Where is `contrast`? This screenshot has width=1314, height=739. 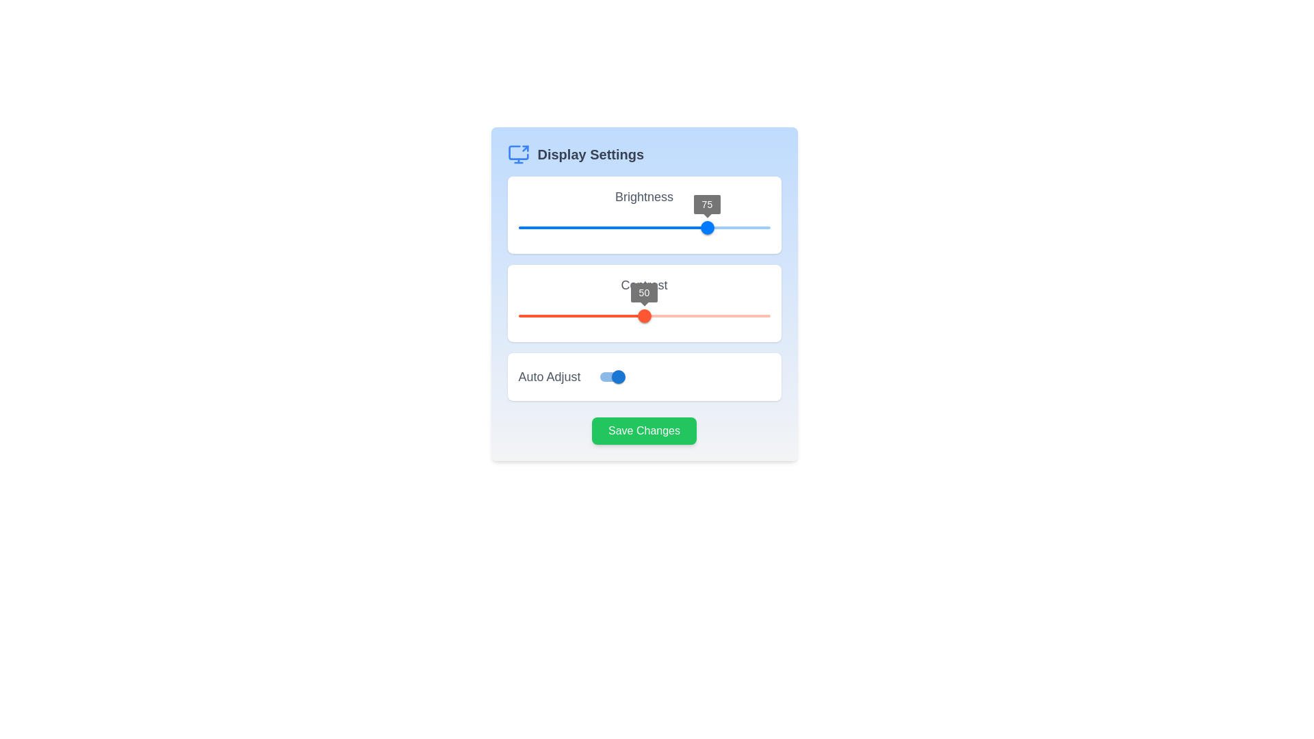 contrast is located at coordinates (556, 316).